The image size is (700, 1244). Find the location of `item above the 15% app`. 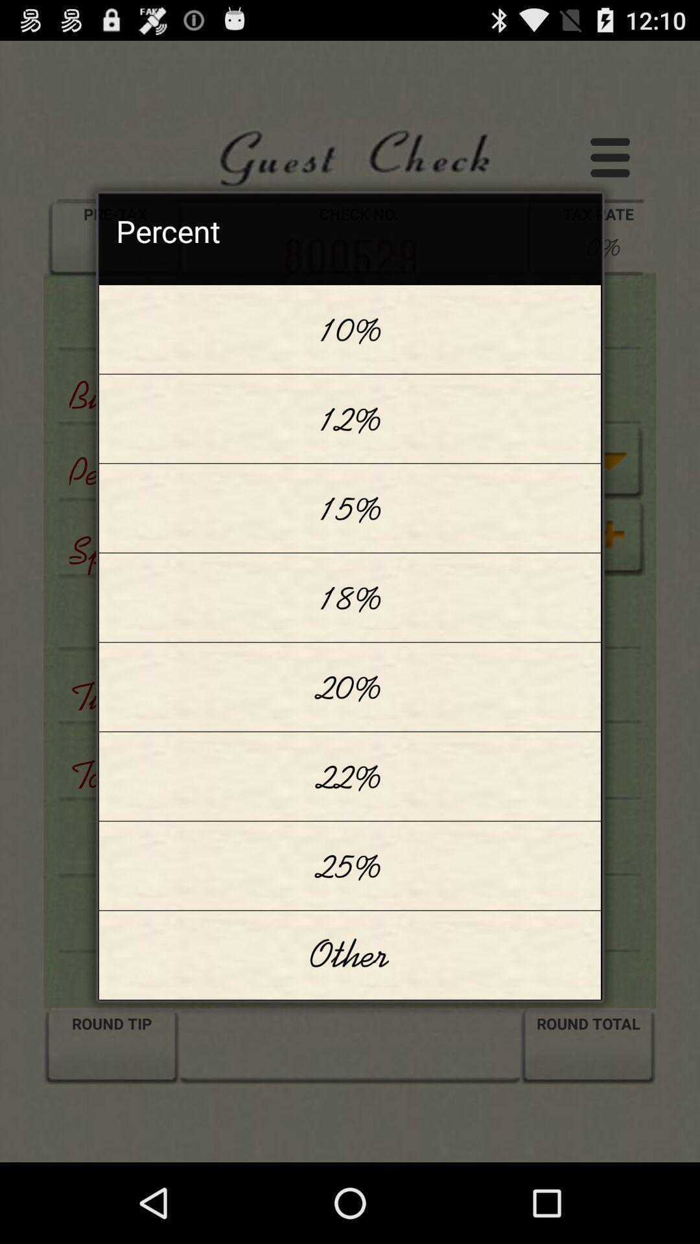

item above the 15% app is located at coordinates (350, 419).